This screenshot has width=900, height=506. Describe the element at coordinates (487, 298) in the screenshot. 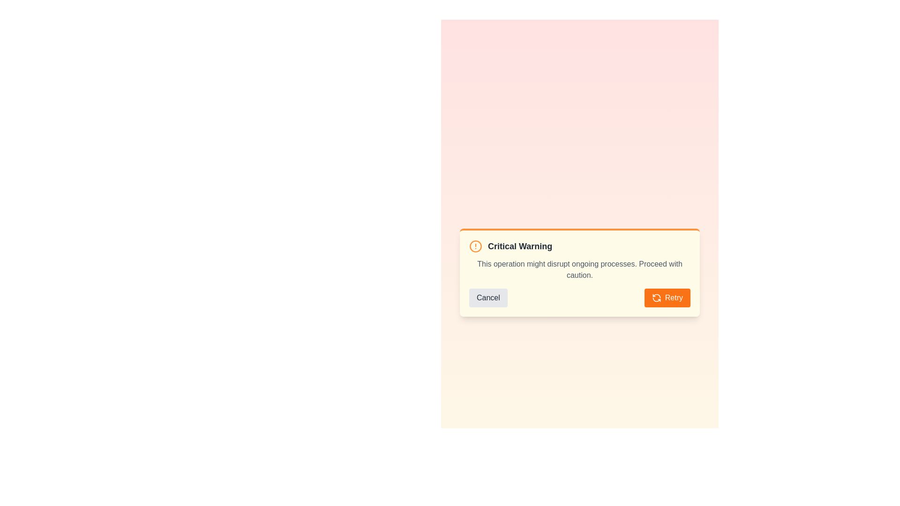

I see `the 'Cancel' button to trigger the hover effect` at that location.